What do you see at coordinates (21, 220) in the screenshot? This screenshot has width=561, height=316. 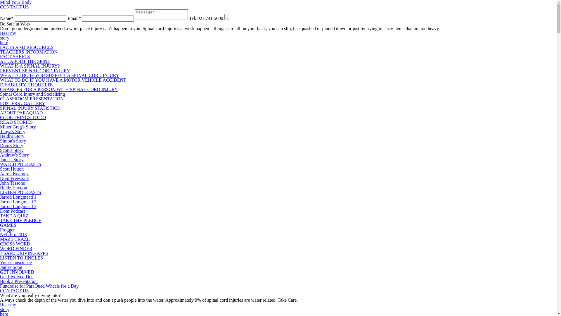 I see `'TAKE THE PLEDGE'` at bounding box center [21, 220].